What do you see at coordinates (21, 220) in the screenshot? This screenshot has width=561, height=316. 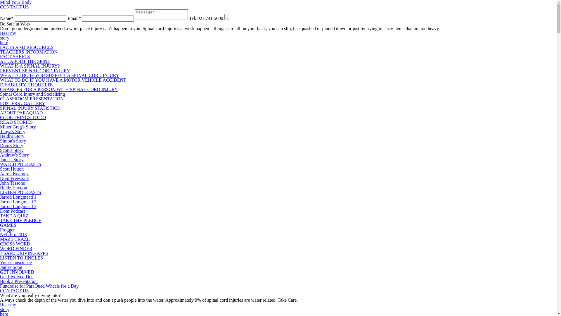 I see `'TAKE THE PLEDGE'` at bounding box center [21, 220].